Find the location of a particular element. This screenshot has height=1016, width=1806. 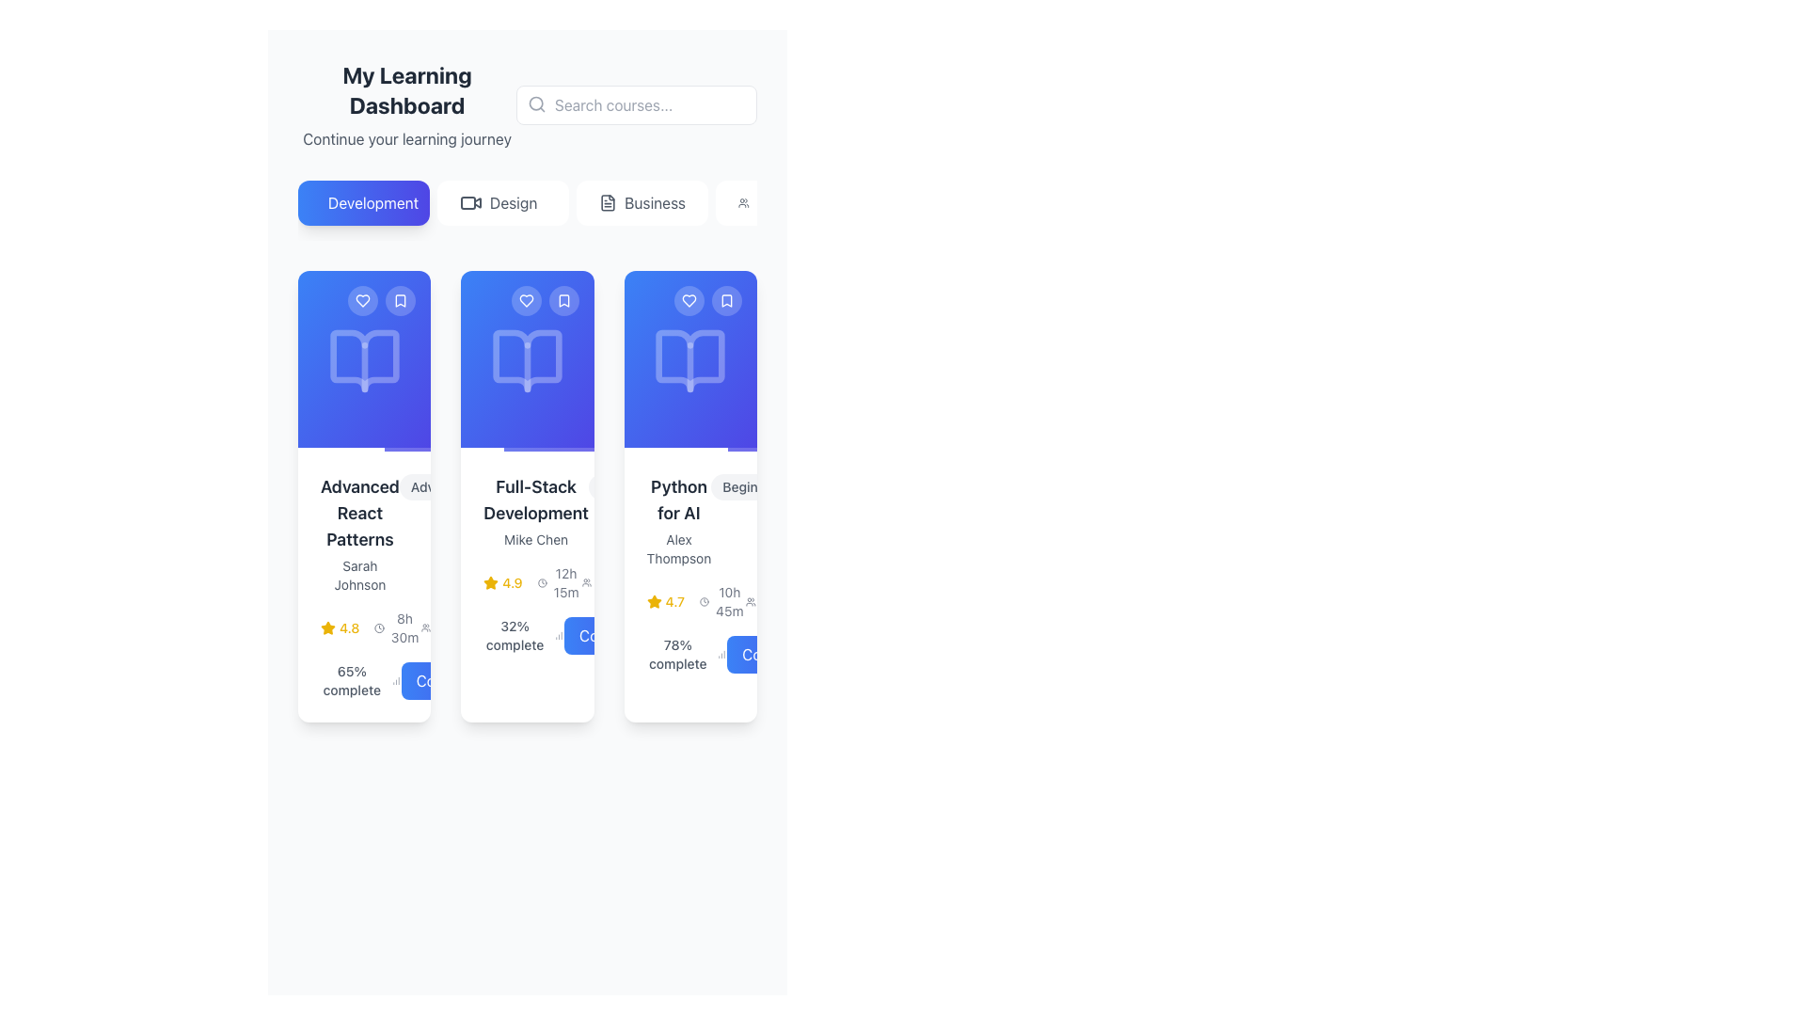

text displaying the percentage completion of the 'Python for AI' course, located above the 'Continue' button in the rightmost card of the horizontal list is located at coordinates (686, 653).